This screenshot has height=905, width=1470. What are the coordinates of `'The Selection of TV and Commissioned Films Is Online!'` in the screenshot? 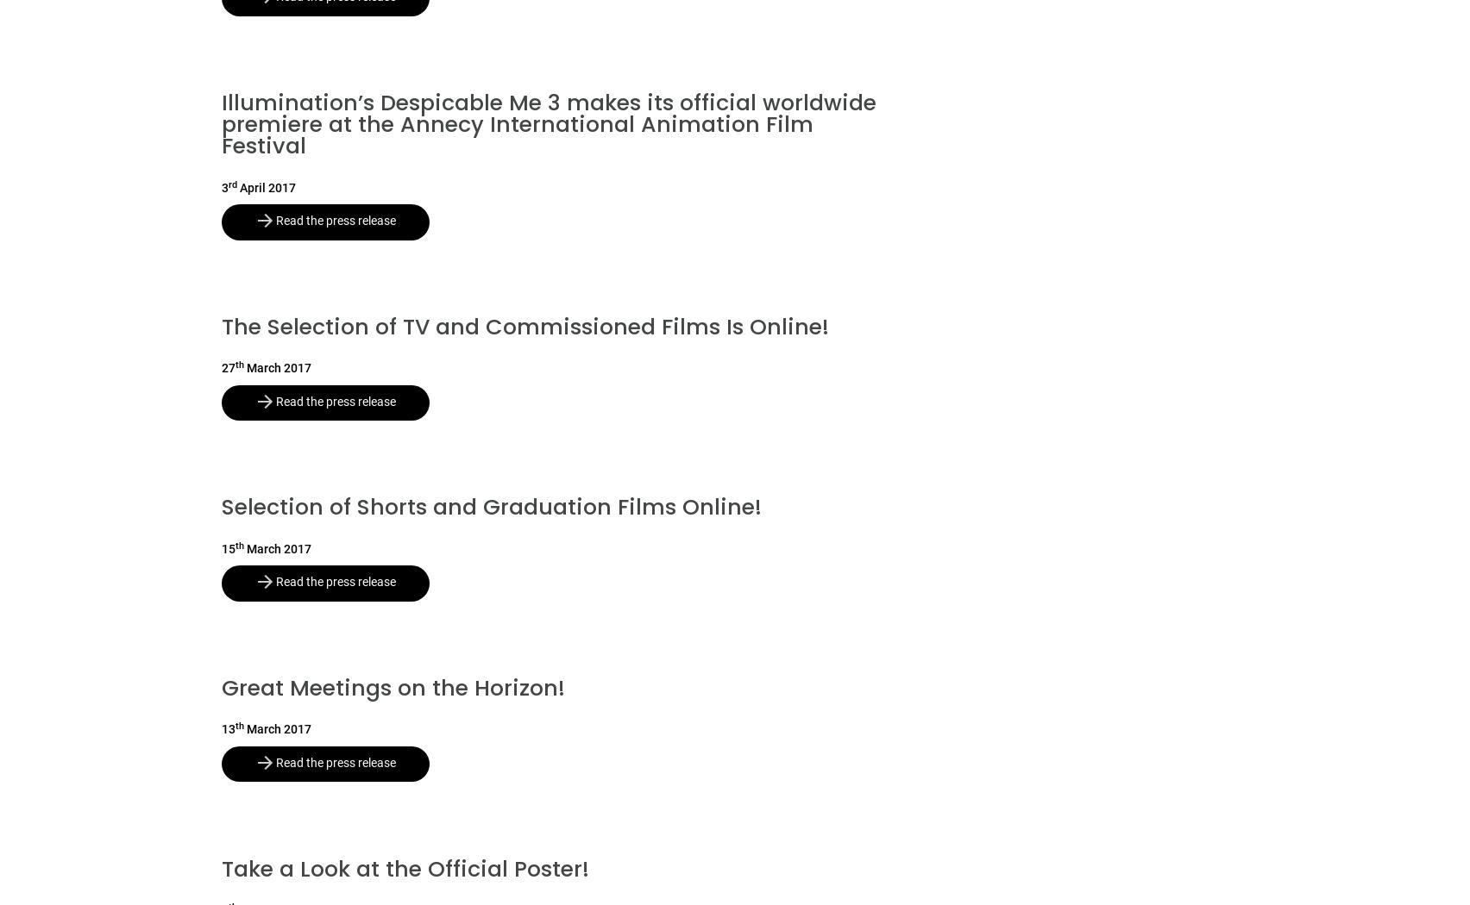 It's located at (525, 326).